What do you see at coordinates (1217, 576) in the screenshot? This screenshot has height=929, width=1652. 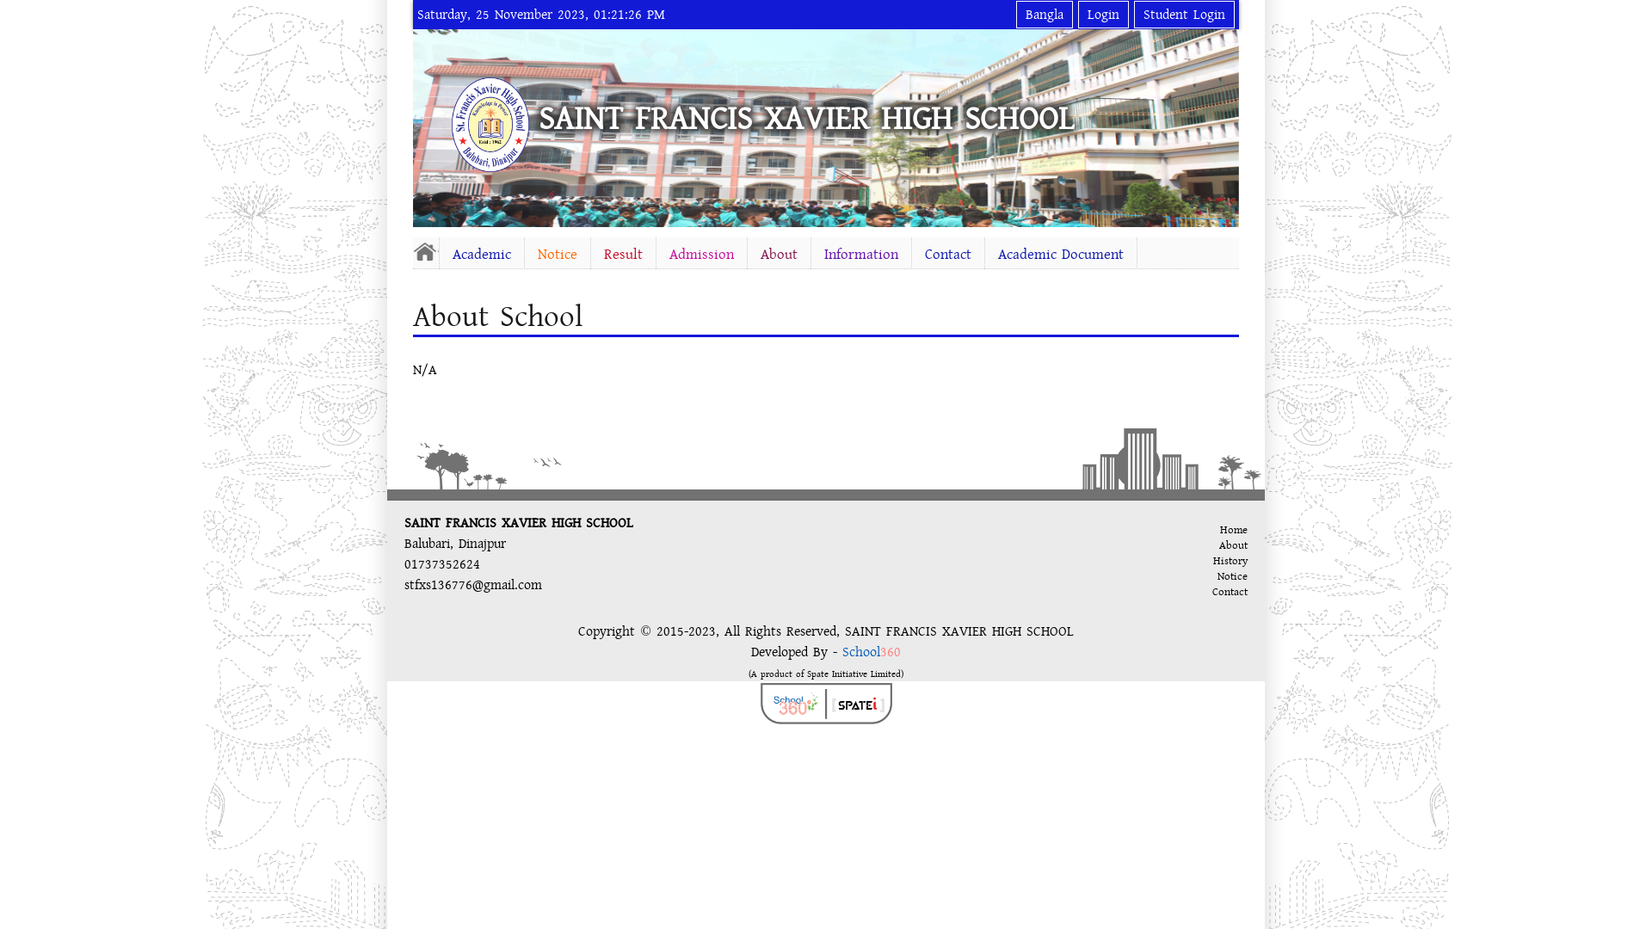 I see `'Notice'` at bounding box center [1217, 576].